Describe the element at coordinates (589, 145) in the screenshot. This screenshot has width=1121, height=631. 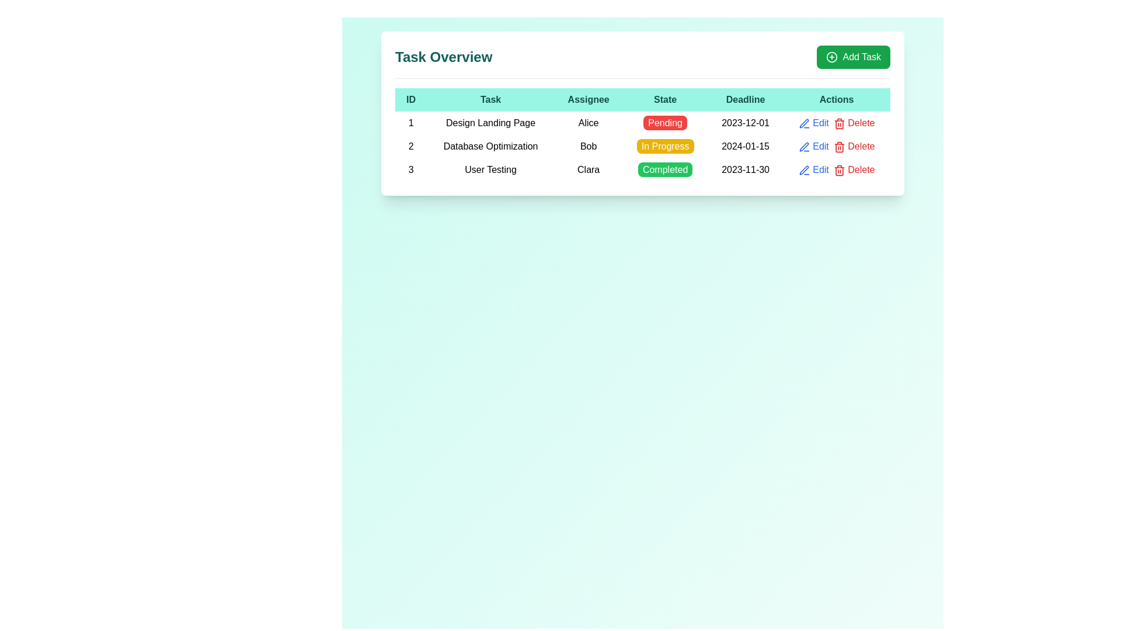
I see `the text label displaying the name 'Bob' in the 'Assignee' column of the task overview table` at that location.